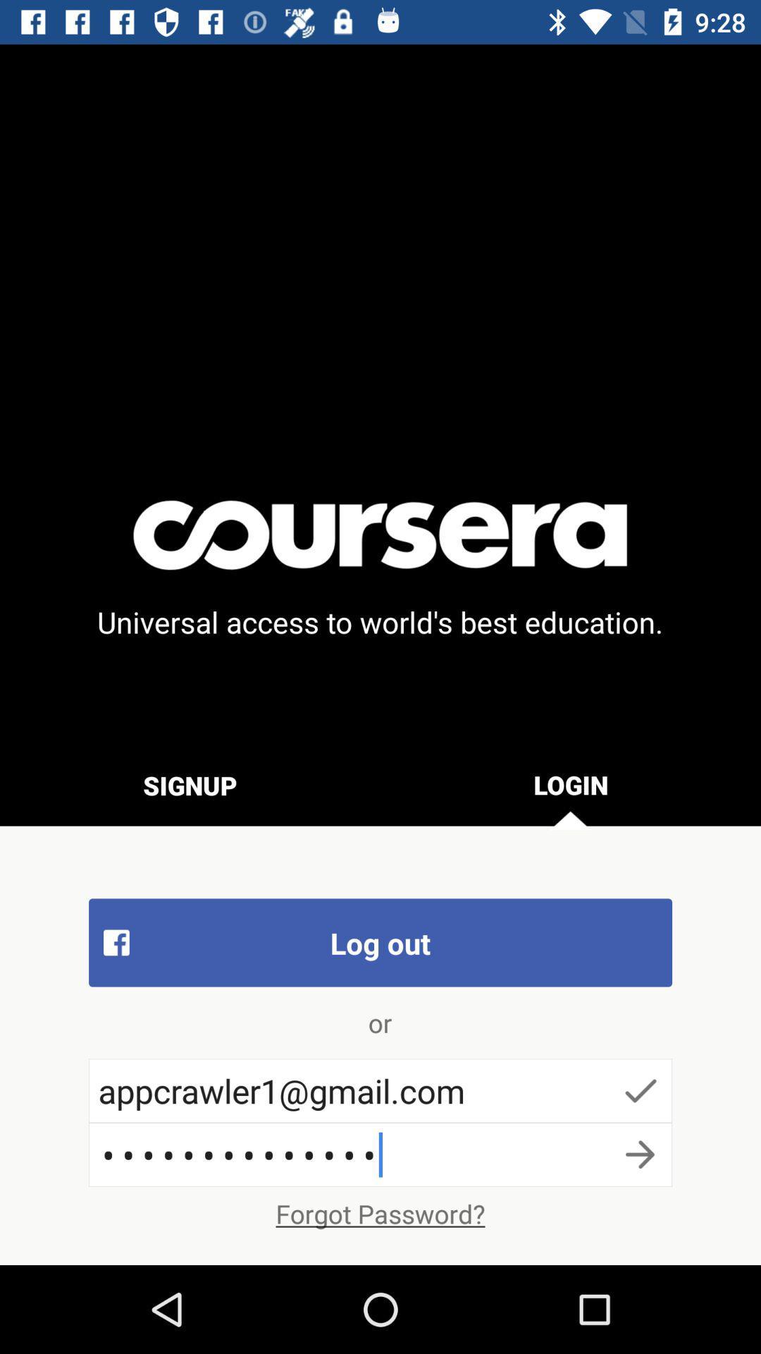  I want to click on icon above the forgot password? item, so click(380, 1154).